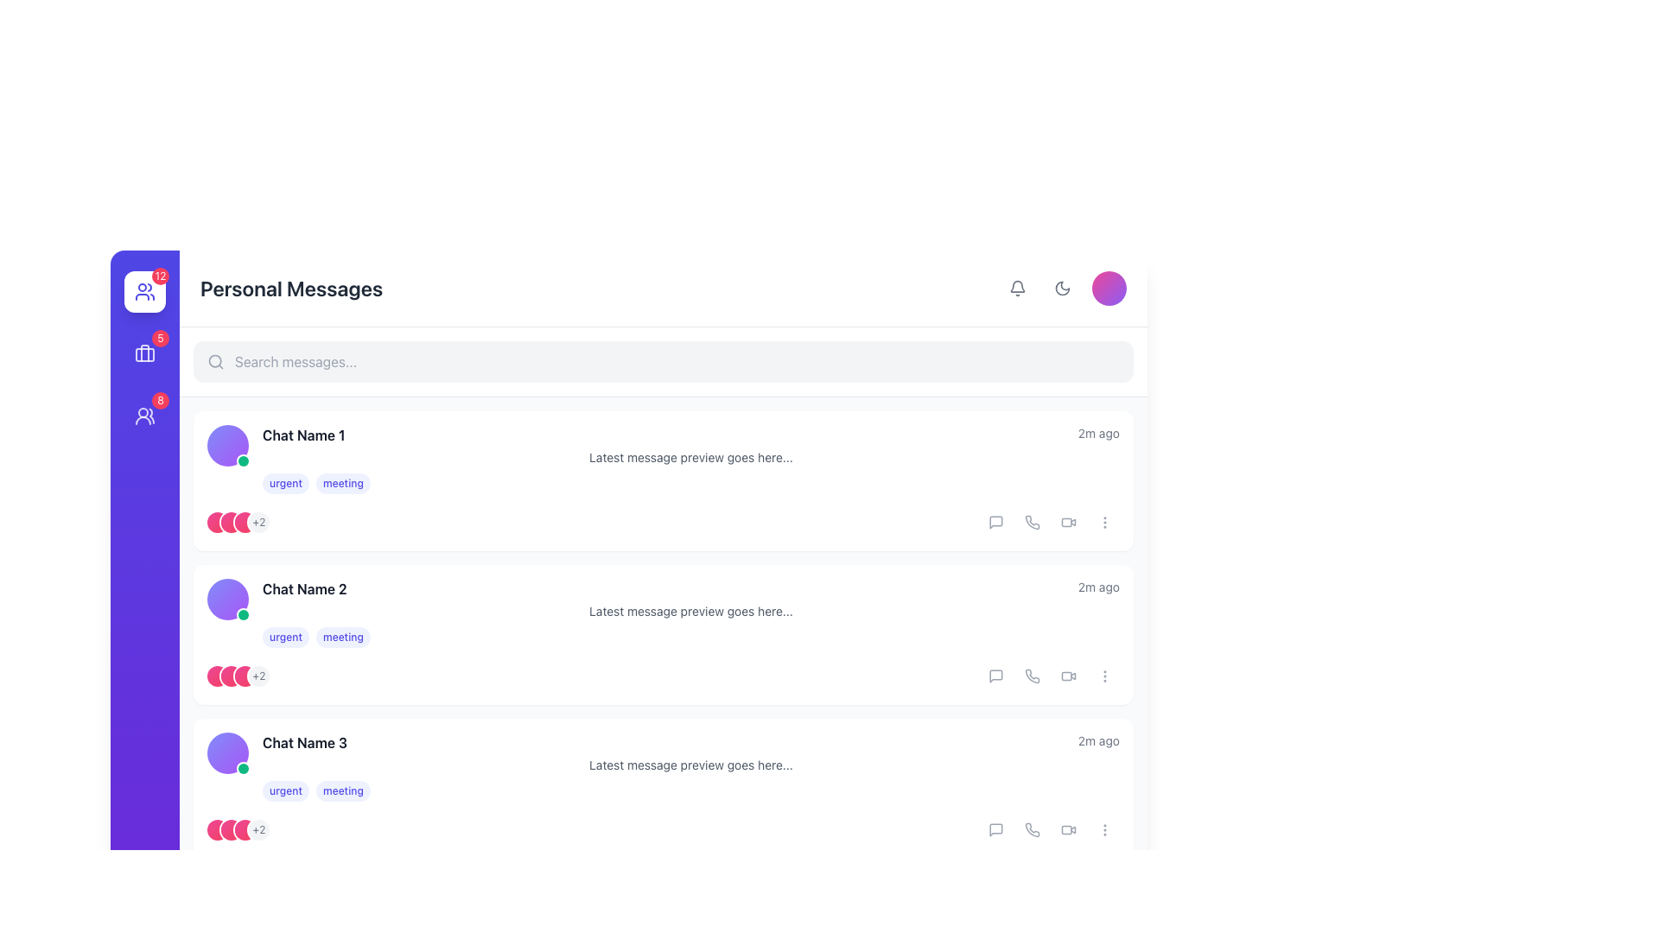  I want to click on the phone handset icon, which is the second icon from the left, so click(1033, 522).